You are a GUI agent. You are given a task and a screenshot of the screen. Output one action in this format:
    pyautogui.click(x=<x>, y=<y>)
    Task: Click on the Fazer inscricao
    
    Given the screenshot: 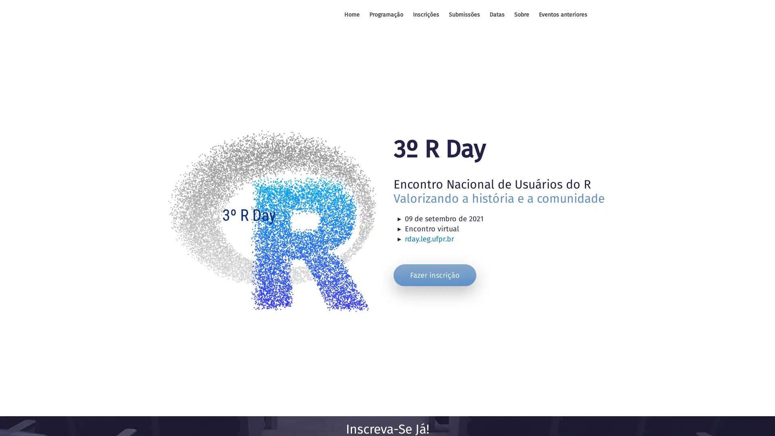 What is the action you would take?
    pyautogui.click(x=434, y=275)
    